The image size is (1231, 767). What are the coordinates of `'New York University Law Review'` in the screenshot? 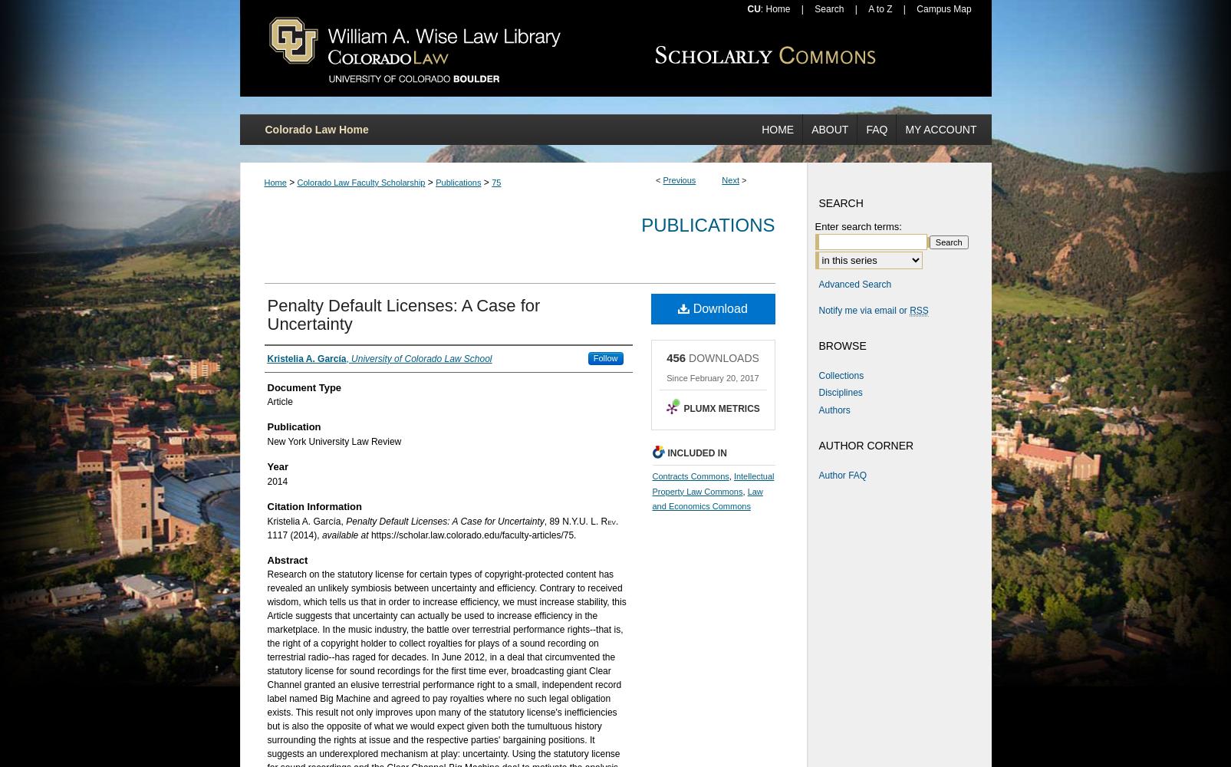 It's located at (333, 441).